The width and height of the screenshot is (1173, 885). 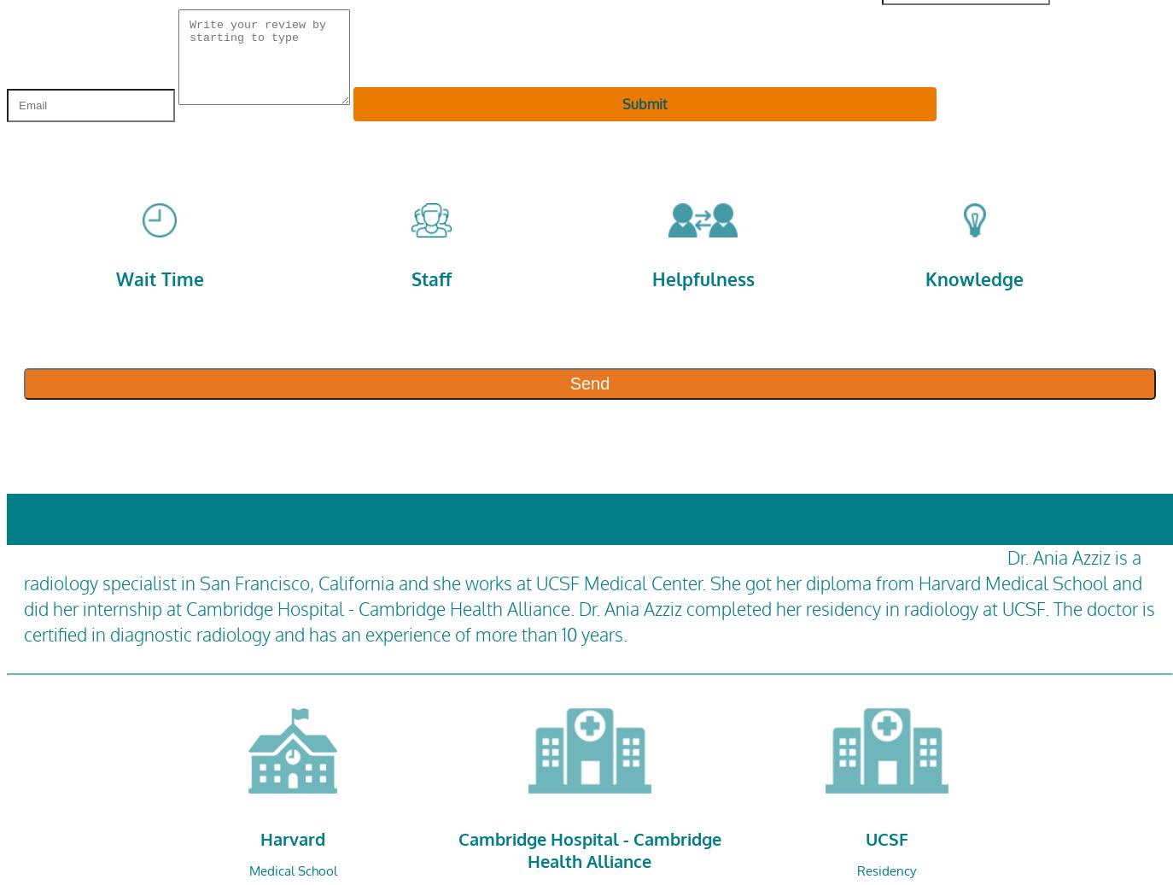 I want to click on 'Cambridge Hospital - Cambridge Health Alliance', so click(x=588, y=849).